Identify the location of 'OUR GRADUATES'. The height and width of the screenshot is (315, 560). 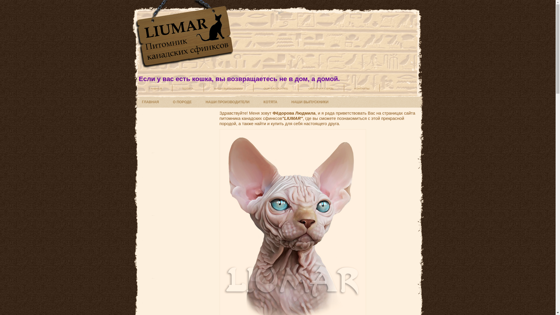
(275, 88).